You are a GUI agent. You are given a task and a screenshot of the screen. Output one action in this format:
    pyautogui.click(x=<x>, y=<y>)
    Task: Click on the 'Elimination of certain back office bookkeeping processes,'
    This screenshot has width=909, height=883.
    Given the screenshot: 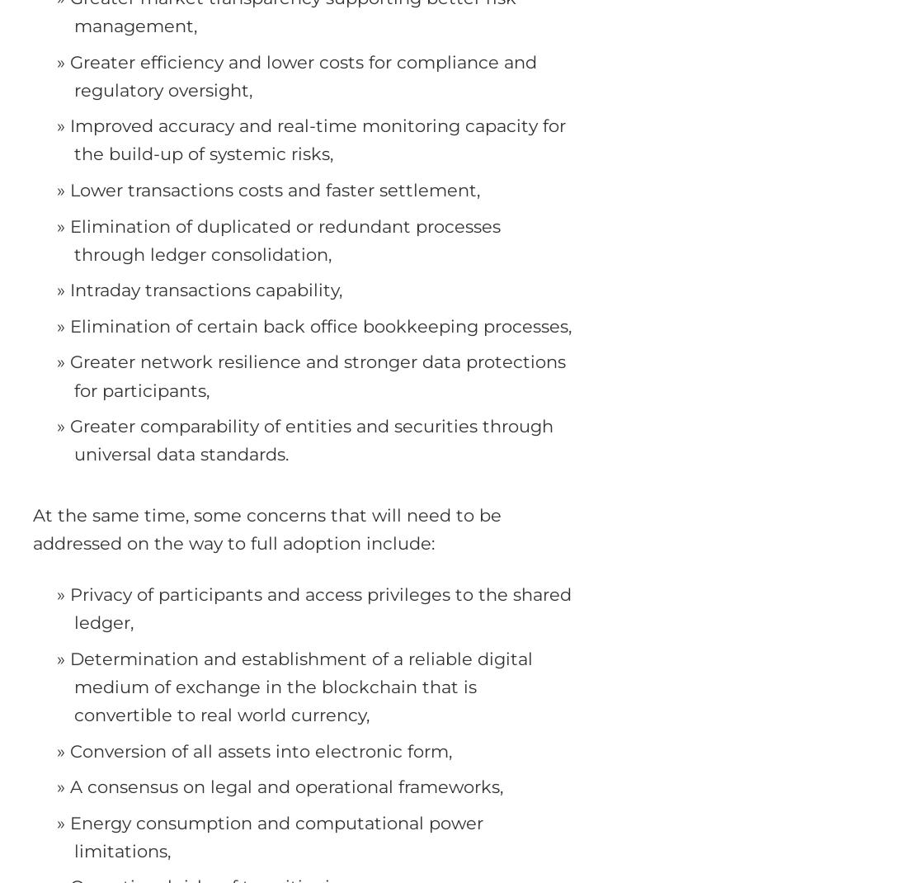 What is the action you would take?
    pyautogui.click(x=321, y=324)
    